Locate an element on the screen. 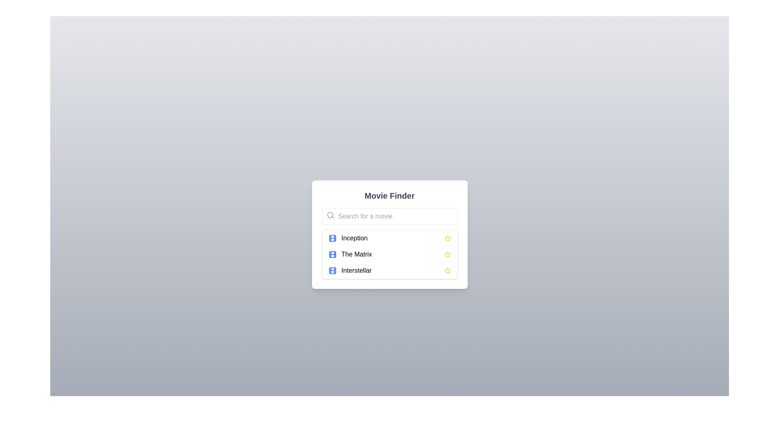  the leftmost icon associated with the third entry in the movie list 'Interstellar' is located at coordinates (332, 270).